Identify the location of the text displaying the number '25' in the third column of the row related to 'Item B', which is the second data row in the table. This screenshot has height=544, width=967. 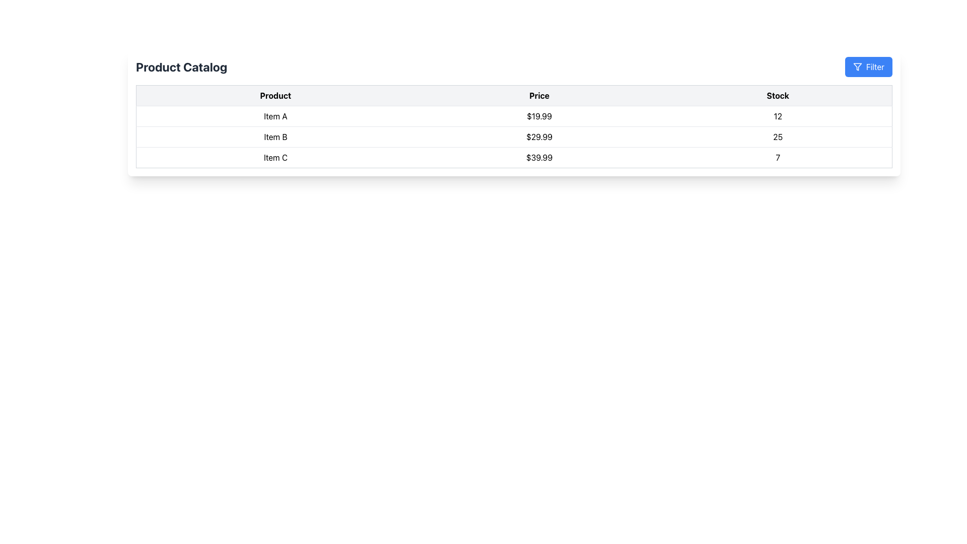
(778, 137).